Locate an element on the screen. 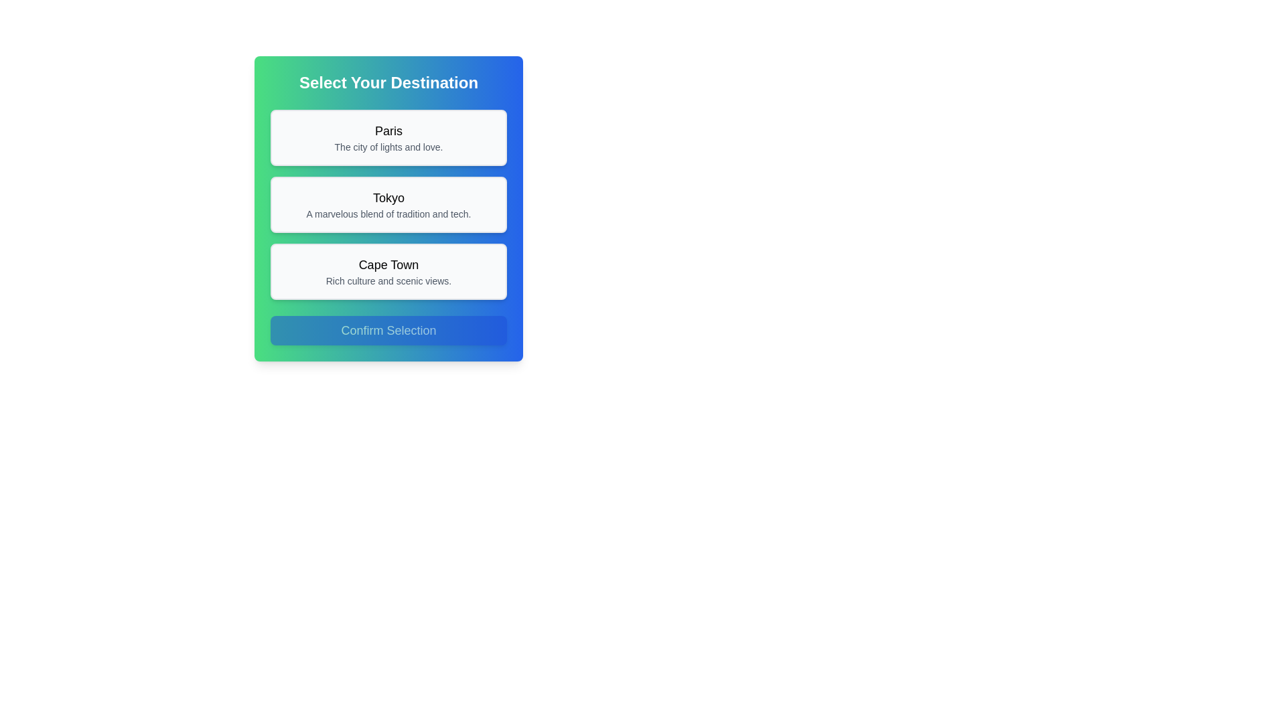  to select the Information card displaying details about the destination 'Paris', which is the first card in a vertical list of options is located at coordinates (388, 137).